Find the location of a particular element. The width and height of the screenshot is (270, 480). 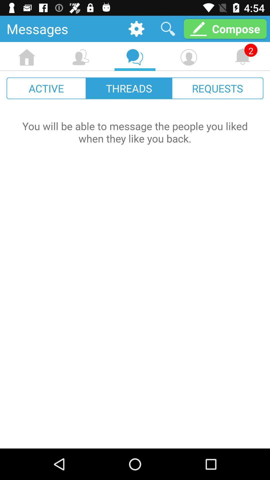

icon to the right of the threads is located at coordinates (217, 88).